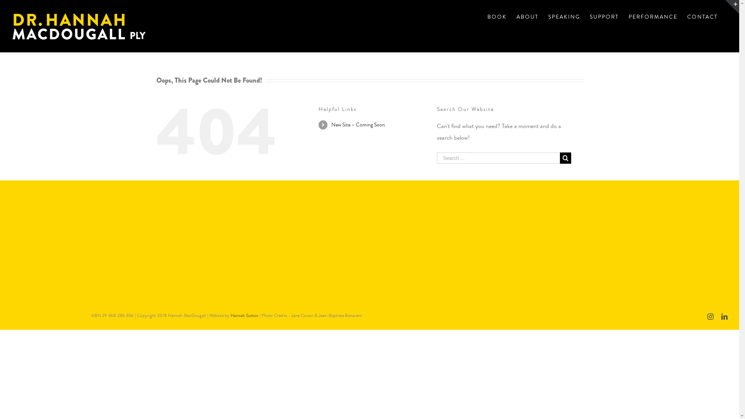  Describe the element at coordinates (497, 16) in the screenshot. I see `'BOOK'` at that location.